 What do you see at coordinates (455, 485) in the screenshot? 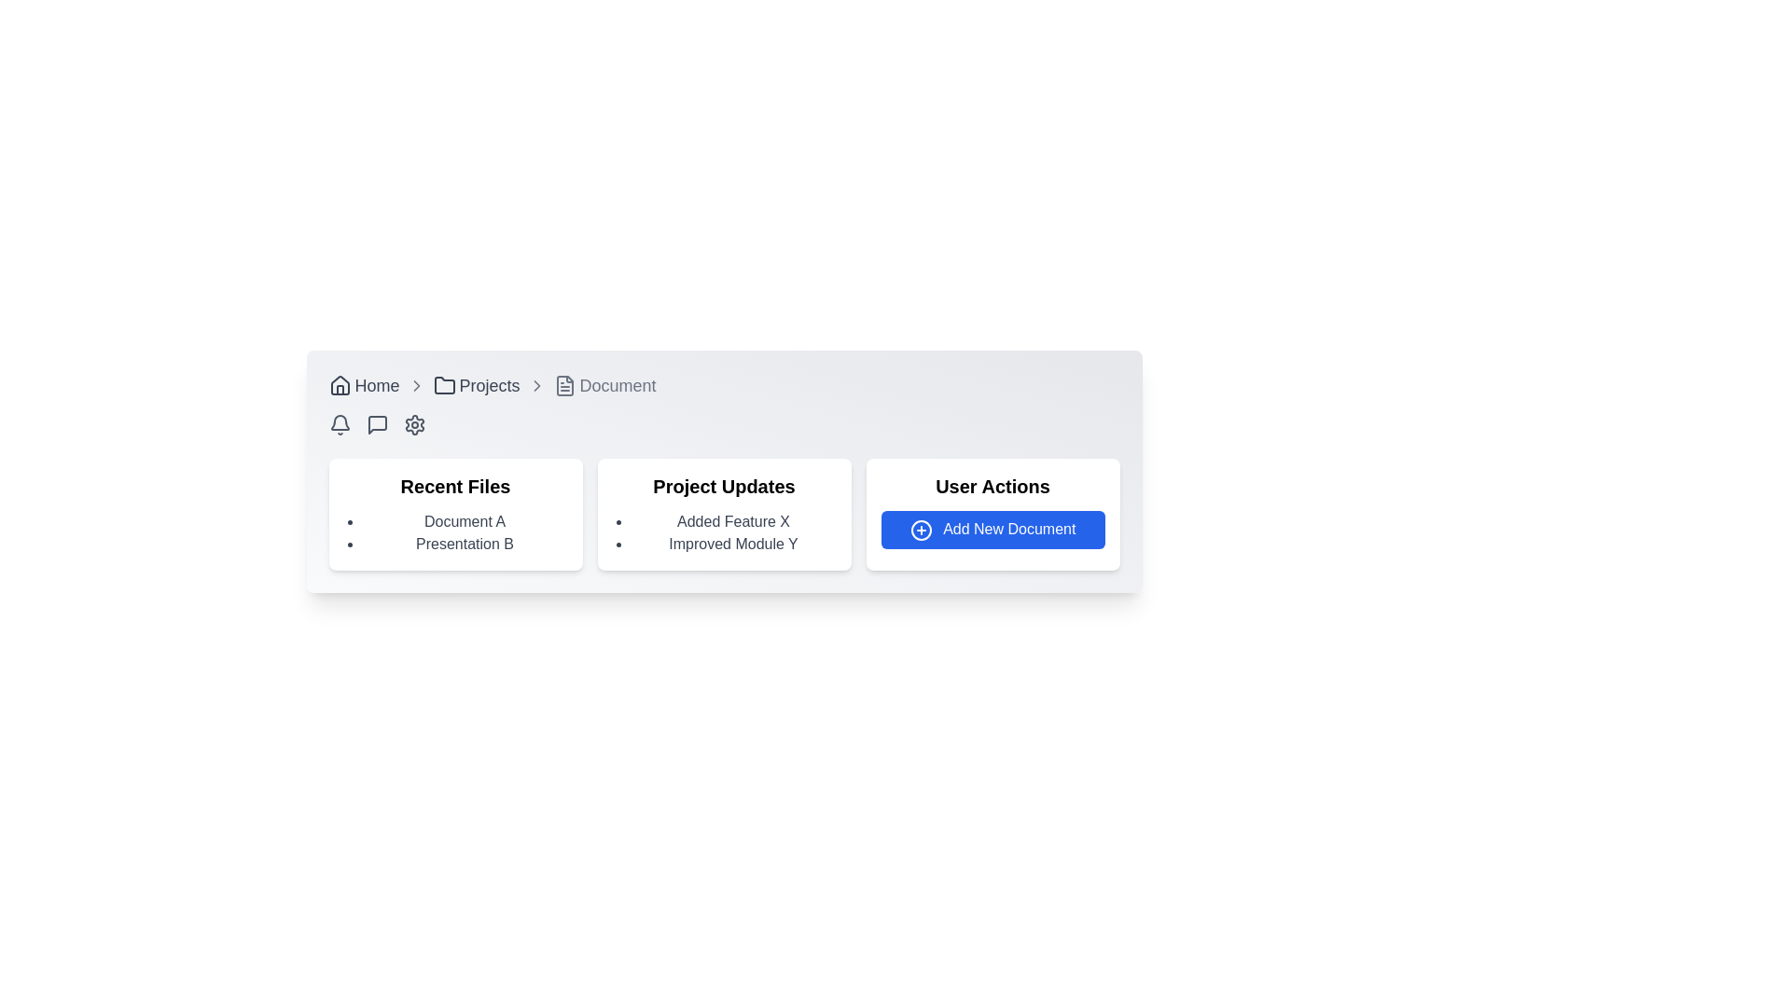
I see `the section title label at the top of the 'Recent Files' card, which indicates the content or functionality of the card below it` at bounding box center [455, 485].